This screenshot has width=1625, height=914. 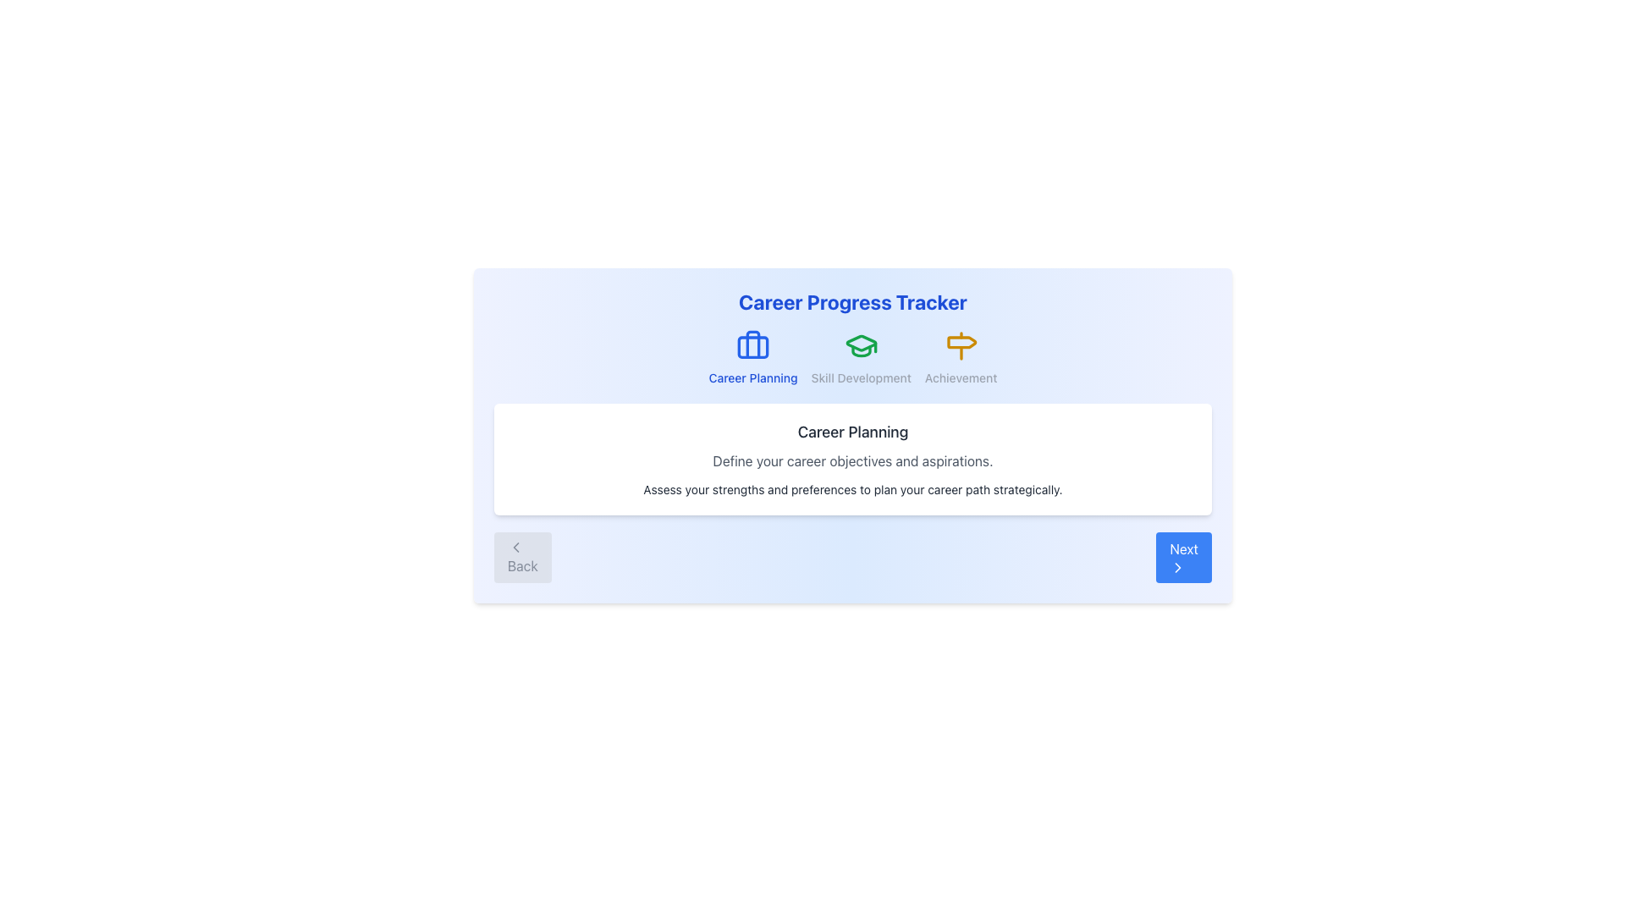 What do you see at coordinates (861, 343) in the screenshot?
I see `the green graduation cap icon, which is the second icon in a horizontal row of three at the top center of the interface, positioned between a blue suitcase icon and a yellow signpost icon` at bounding box center [861, 343].